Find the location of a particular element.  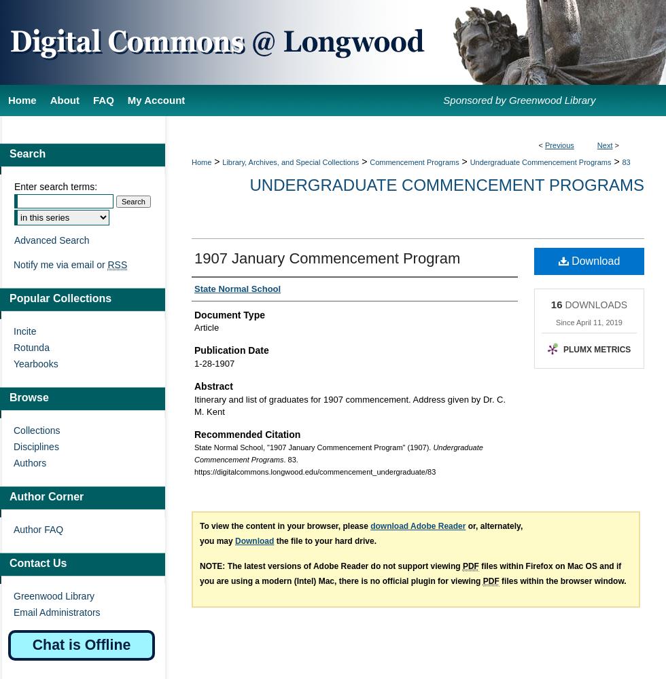

'DOWNLOADS' is located at coordinates (595, 304).